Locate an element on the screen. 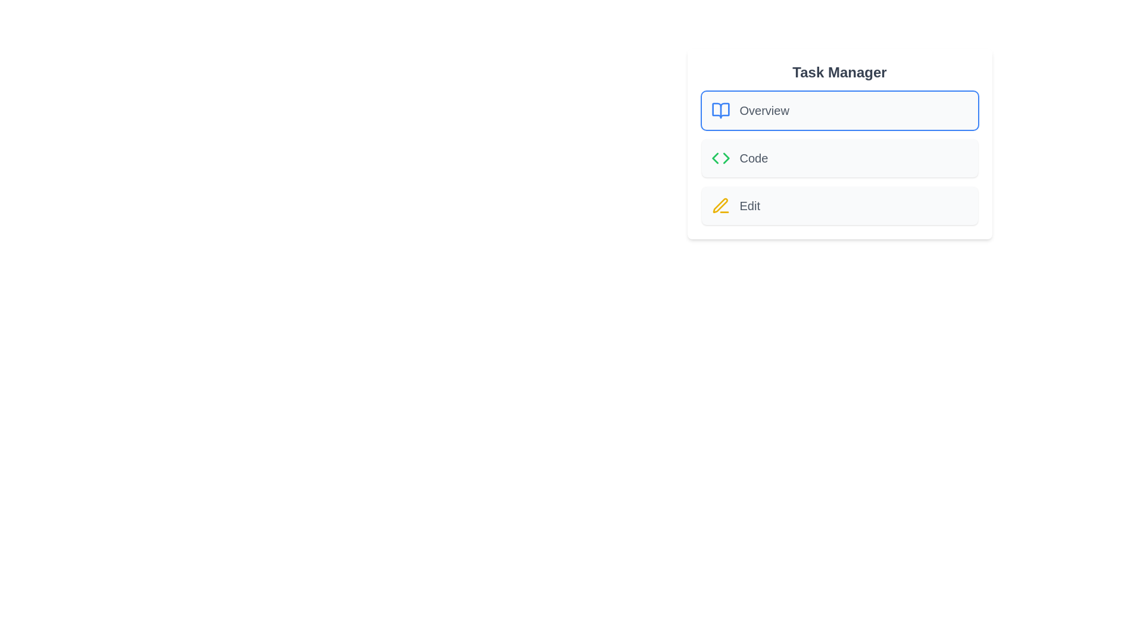 Image resolution: width=1143 pixels, height=643 pixels. green-colored code-like icon located in the top-left section of the 'Code' label card for context is located at coordinates (720, 158).